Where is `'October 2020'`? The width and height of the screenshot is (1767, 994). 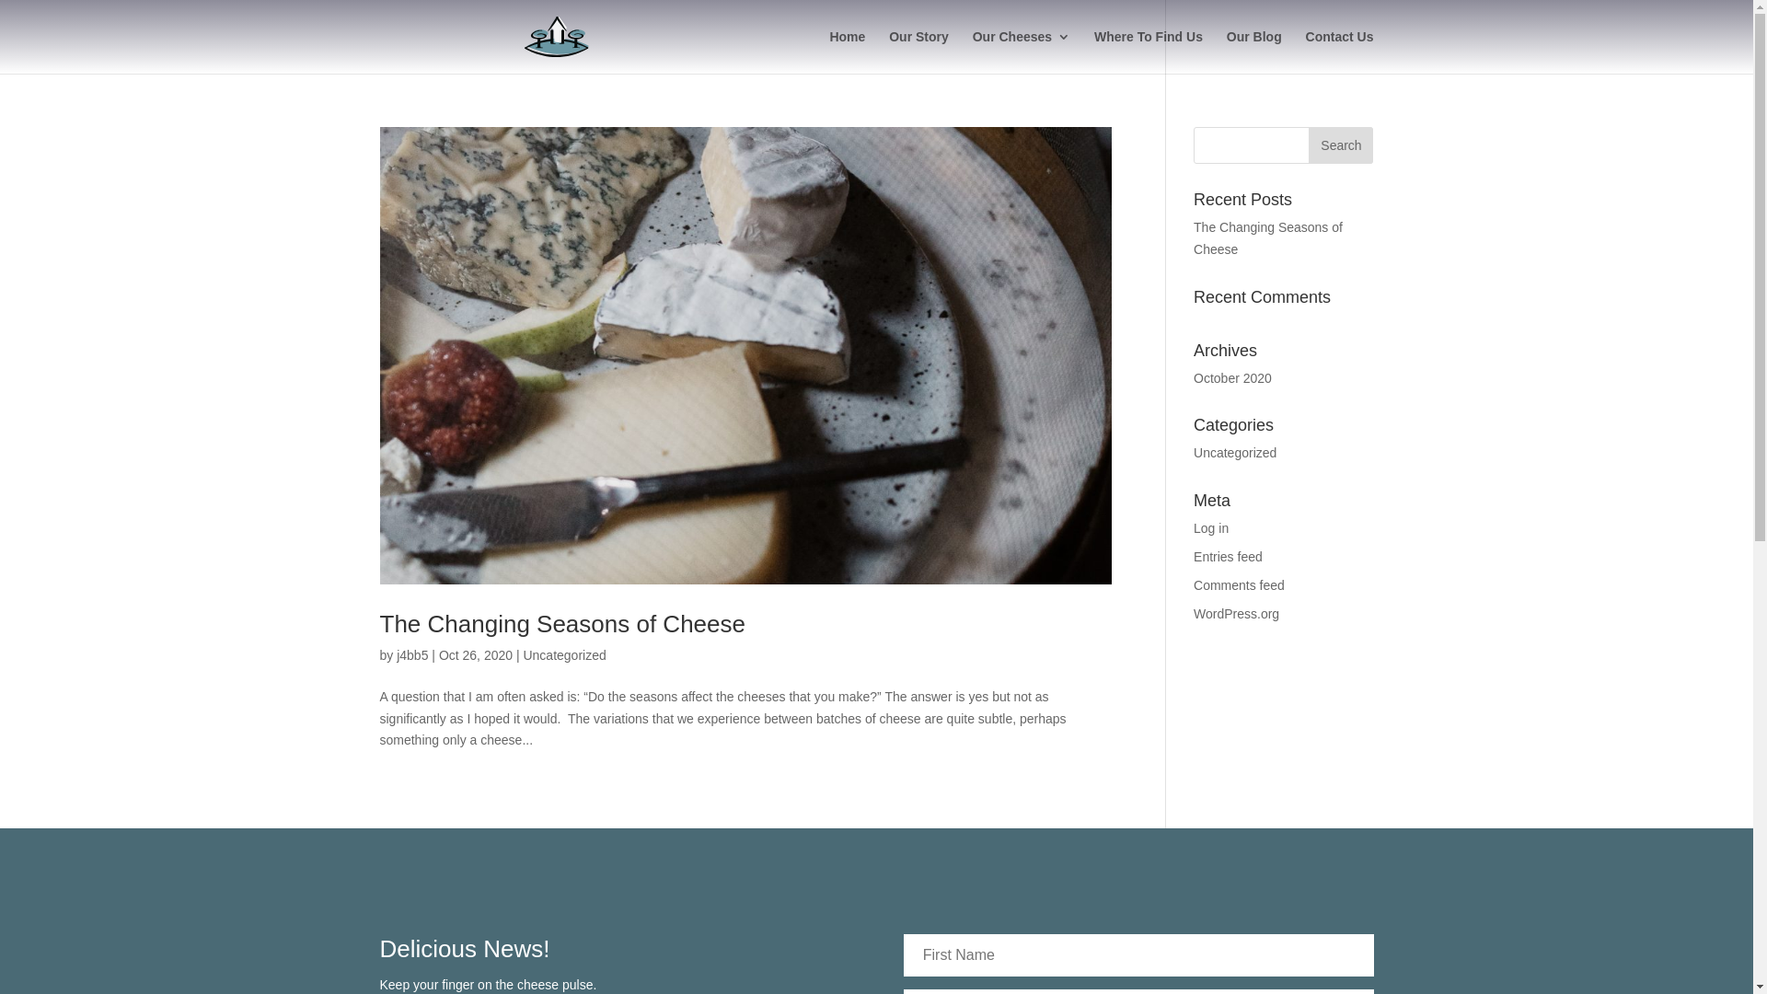 'October 2020' is located at coordinates (1232, 377).